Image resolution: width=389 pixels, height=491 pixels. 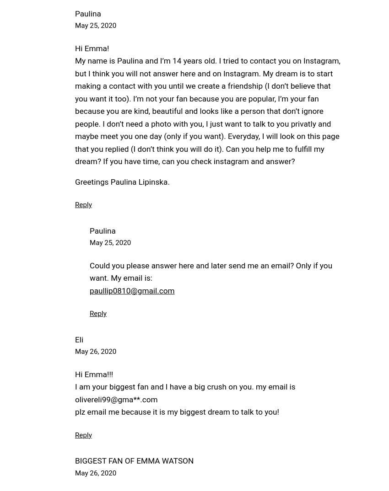 What do you see at coordinates (131, 290) in the screenshot?
I see `'paullip0810@gmail.com'` at bounding box center [131, 290].